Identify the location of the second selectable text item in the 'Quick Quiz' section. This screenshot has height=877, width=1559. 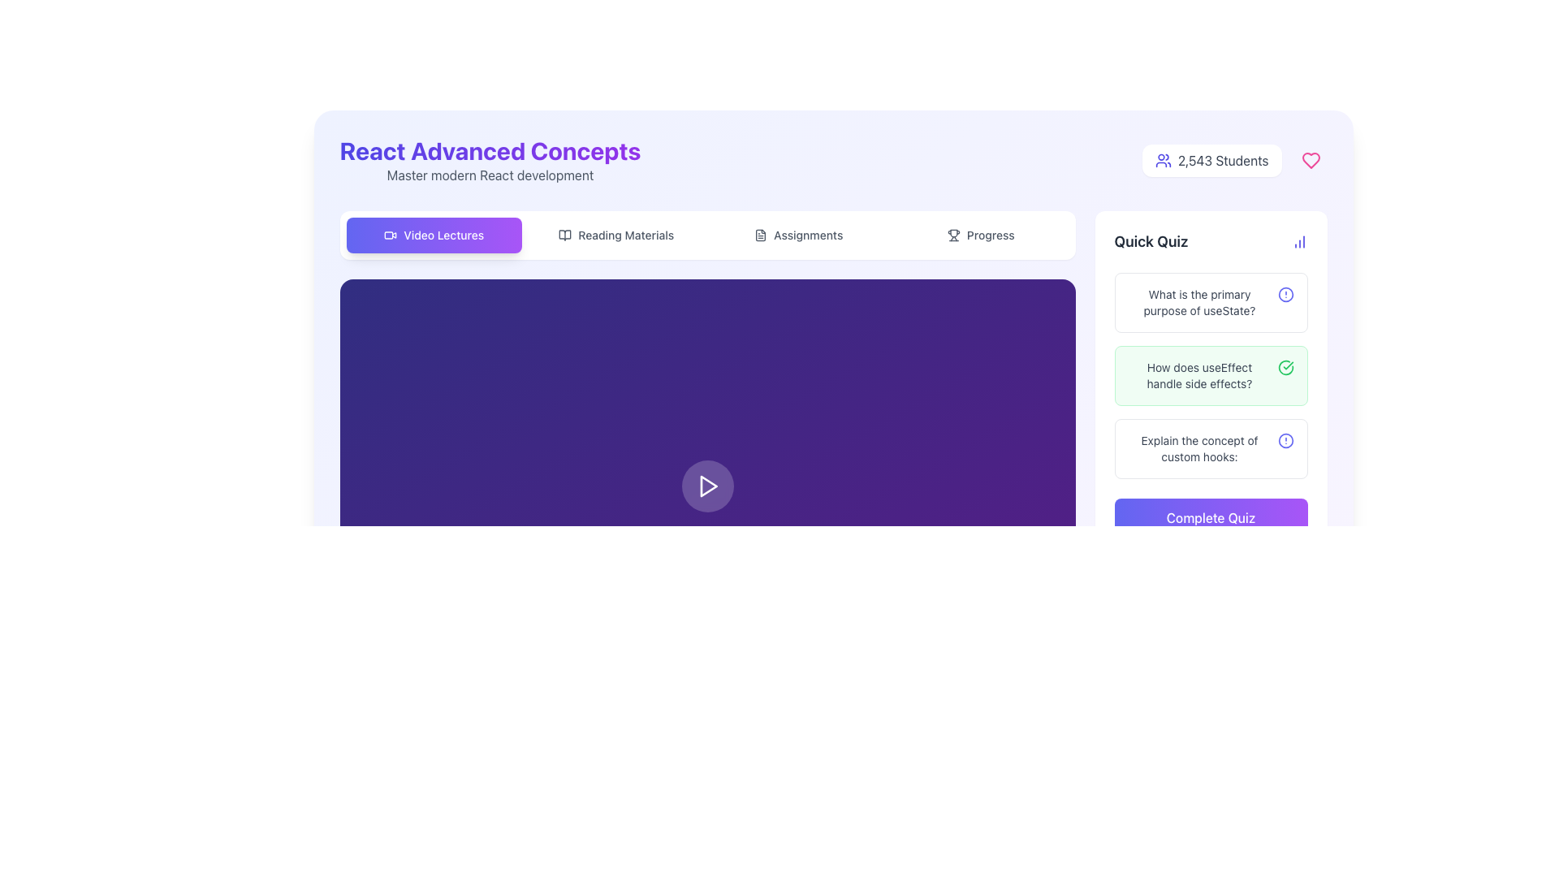
(1211, 375).